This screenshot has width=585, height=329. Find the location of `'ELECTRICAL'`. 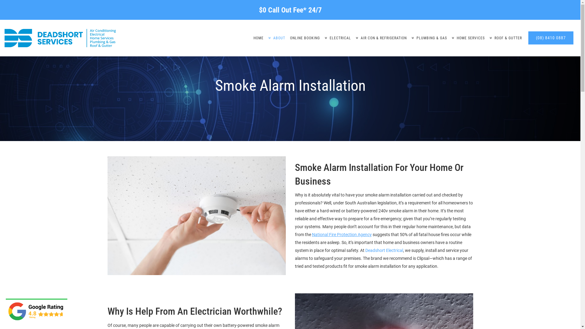

'ELECTRICAL' is located at coordinates (337, 38).